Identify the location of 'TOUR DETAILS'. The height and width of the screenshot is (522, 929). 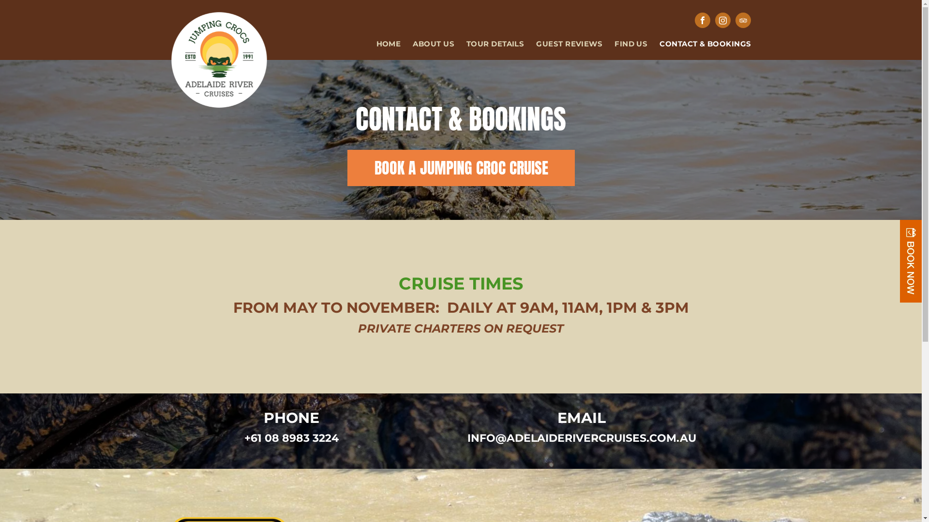
(454, 44).